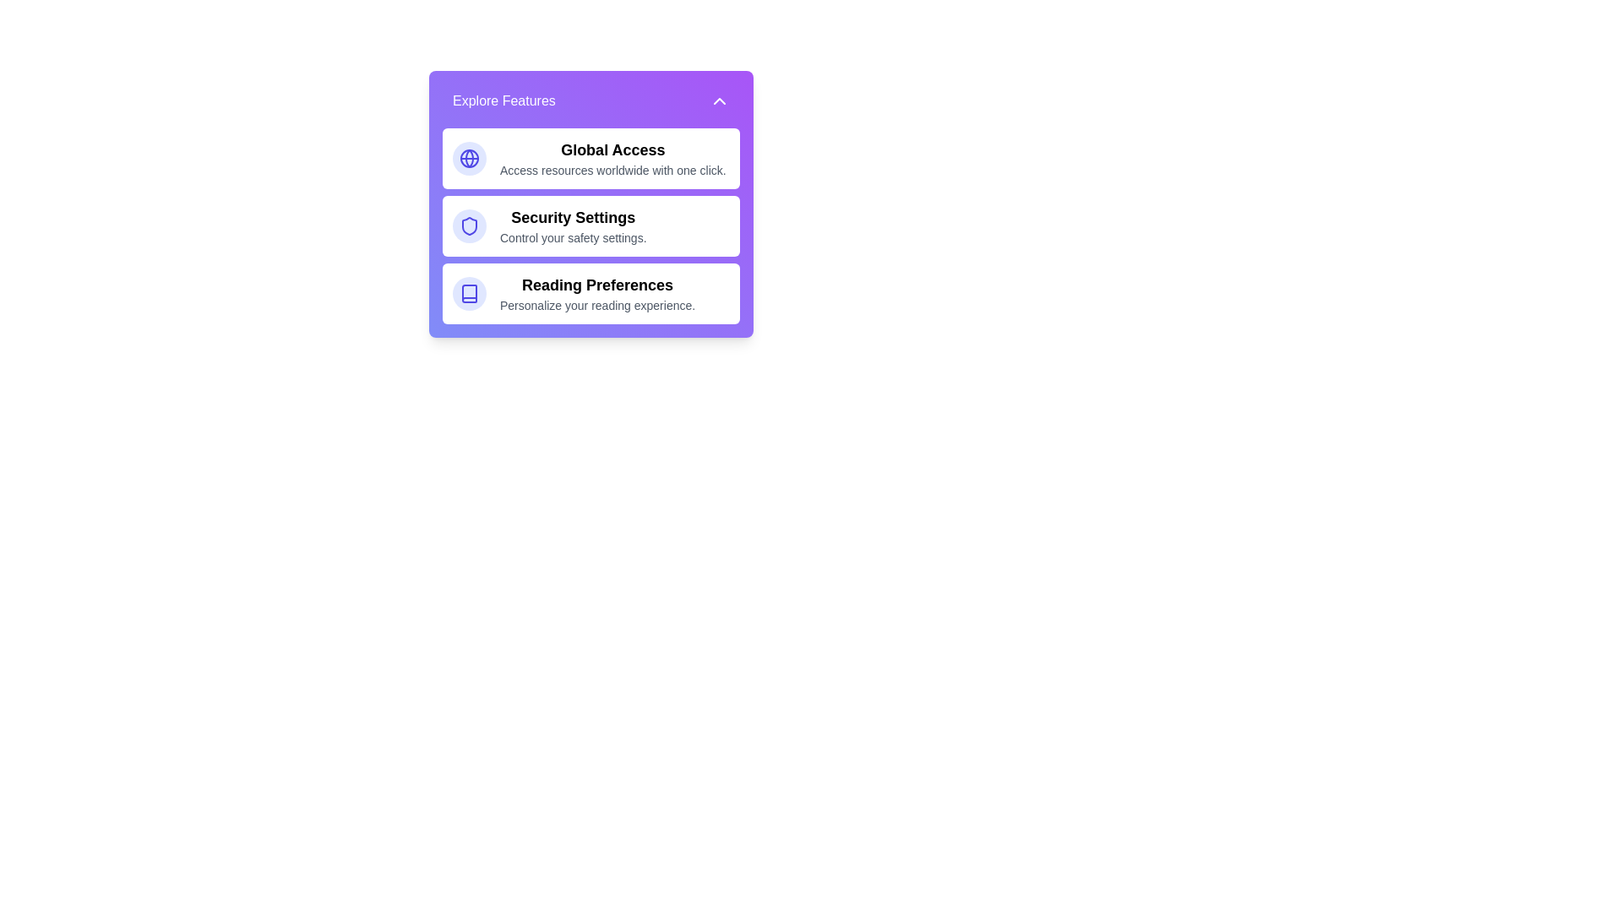 The width and height of the screenshot is (1622, 912). I want to click on the static text element that says 'Personalize your reading experience.', which is styled in a small, gray font and located beneath the 'Reading Preferences' label, so click(597, 306).